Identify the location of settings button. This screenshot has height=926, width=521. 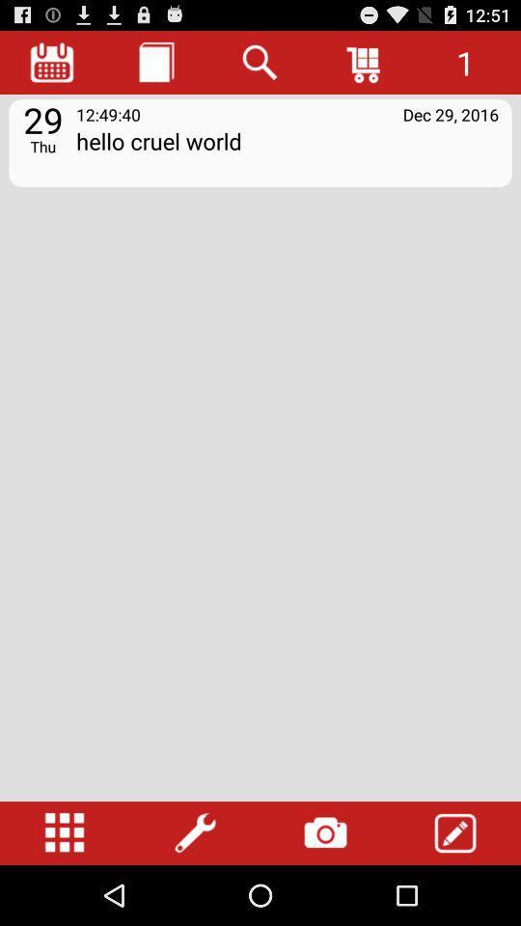
(195, 832).